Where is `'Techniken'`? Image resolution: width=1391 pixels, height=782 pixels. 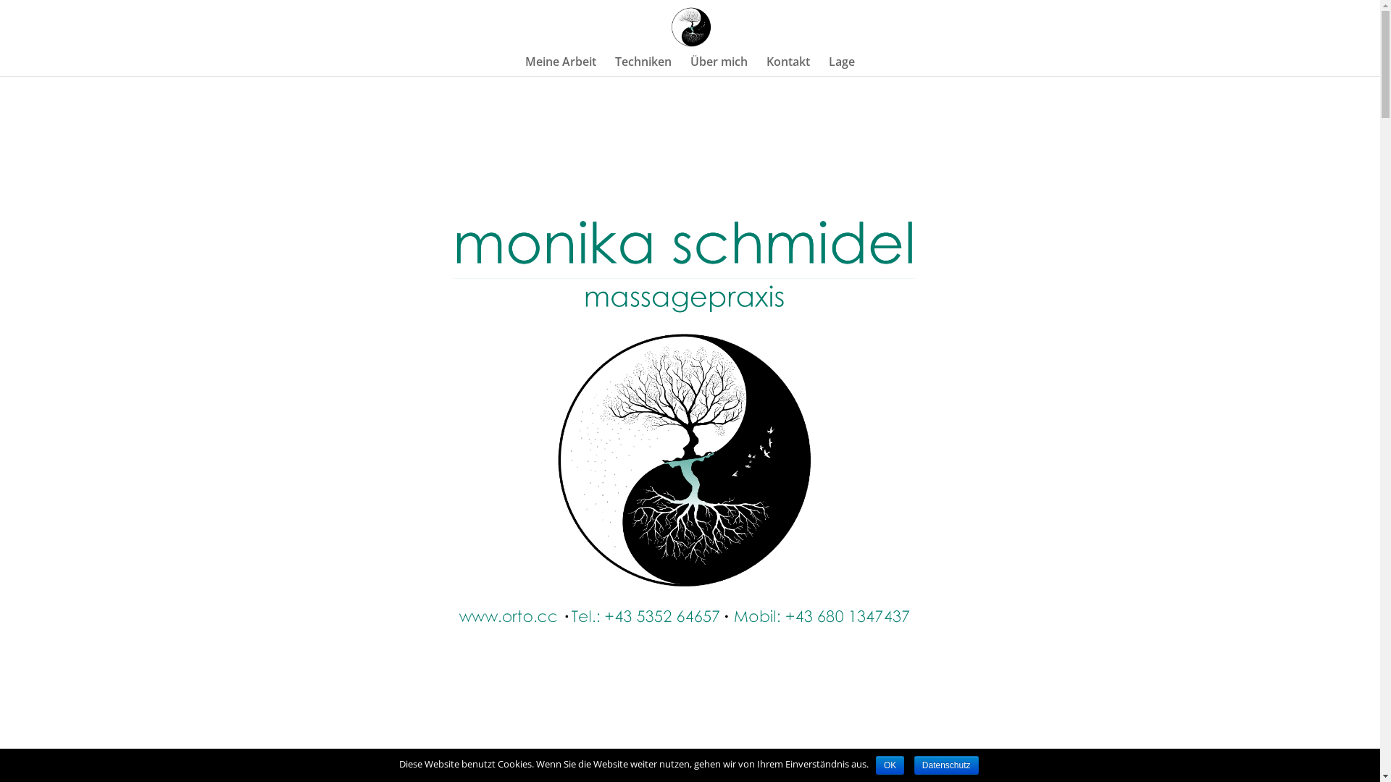
'Techniken' is located at coordinates (643, 66).